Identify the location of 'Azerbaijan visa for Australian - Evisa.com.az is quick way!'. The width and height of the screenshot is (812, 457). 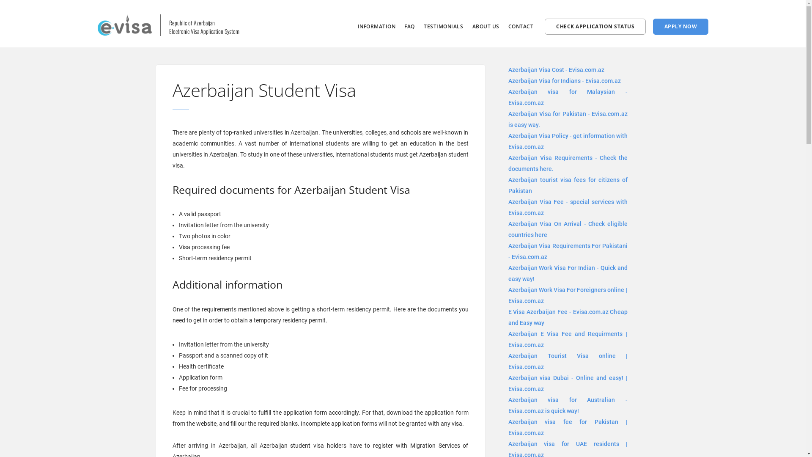
(568, 405).